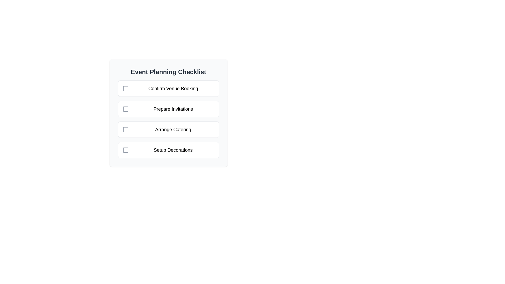  Describe the element at coordinates (125, 150) in the screenshot. I see `the checkbox for the task 'Setup Decorations' in the 'Event Planning Checklist'` at that location.